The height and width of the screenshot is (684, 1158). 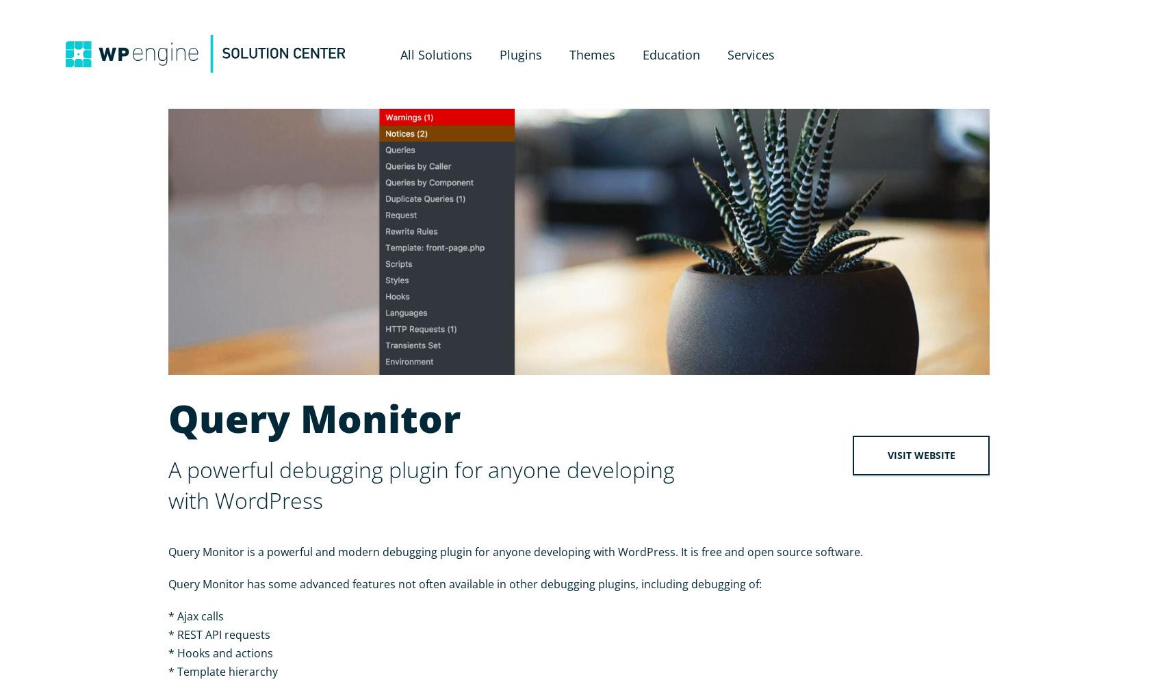 I want to click on 'Themes', so click(x=568, y=53).